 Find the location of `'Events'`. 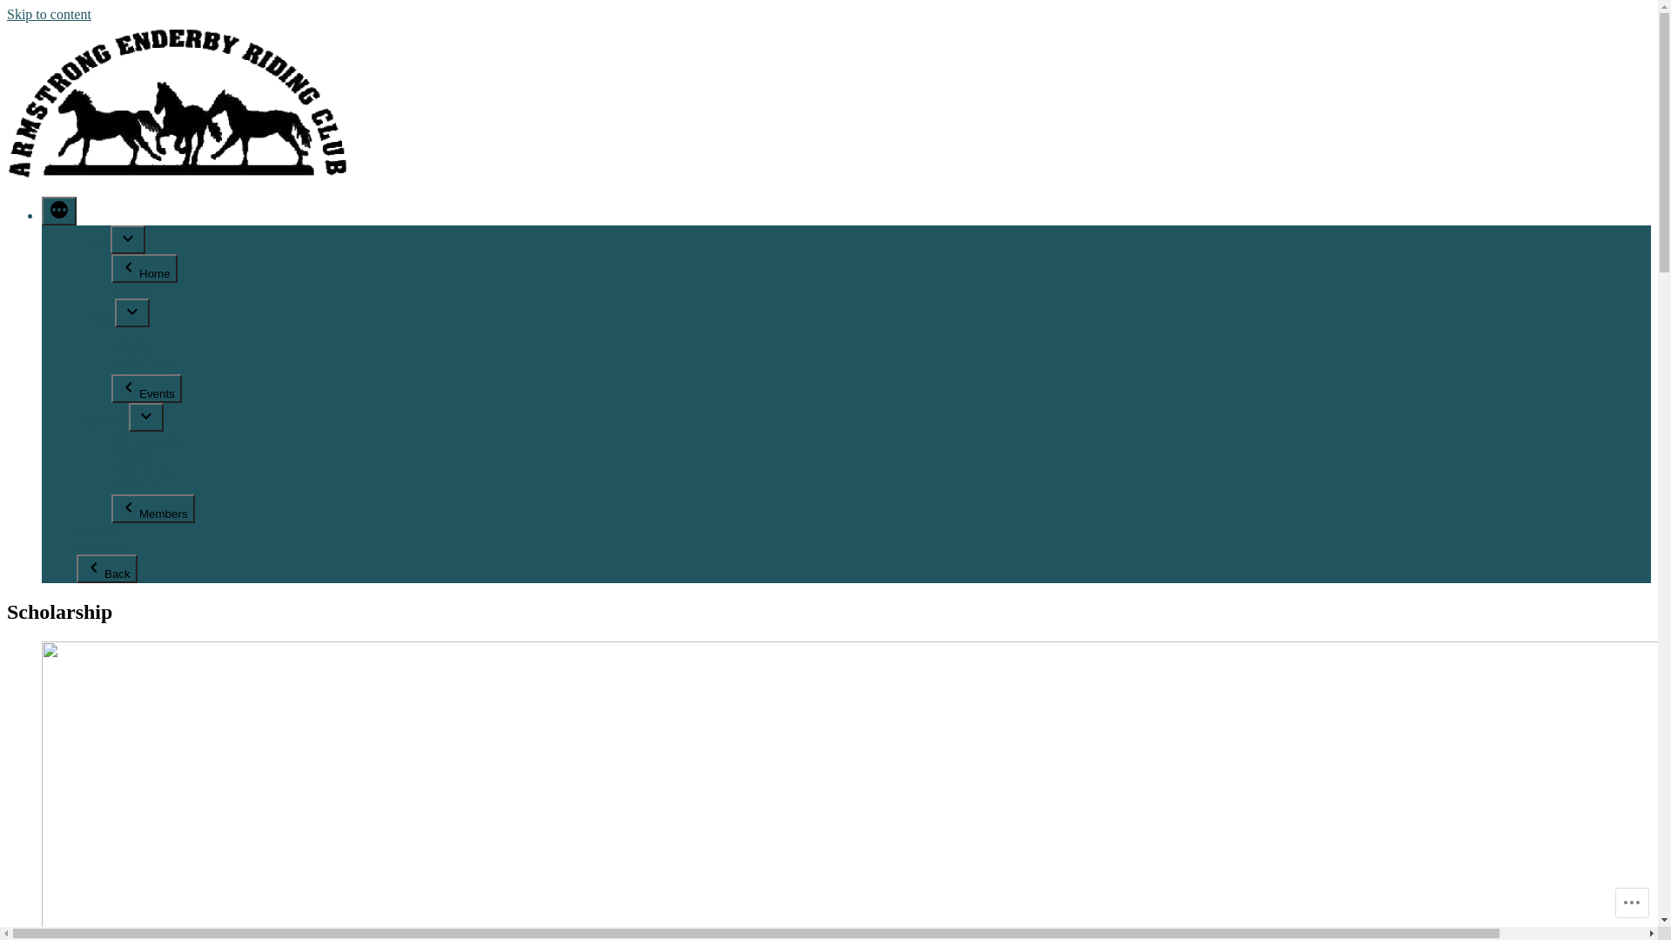

'Events' is located at coordinates (95, 317).